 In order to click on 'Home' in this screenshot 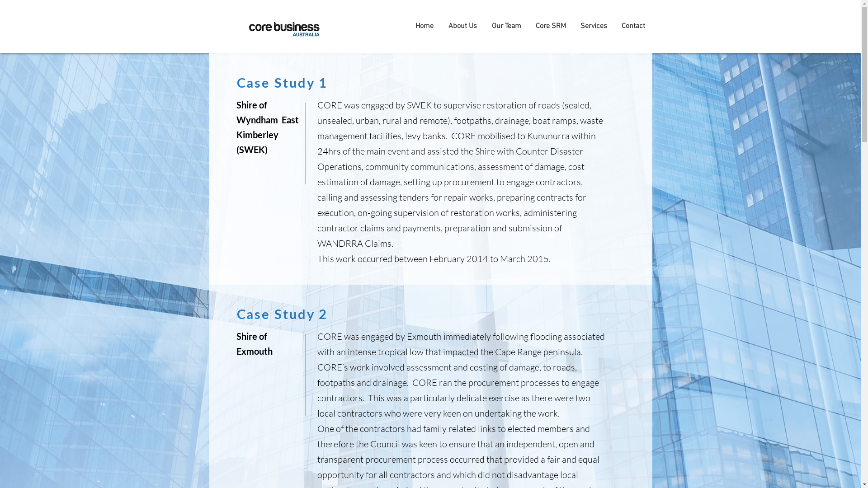, I will do `click(424, 26)`.